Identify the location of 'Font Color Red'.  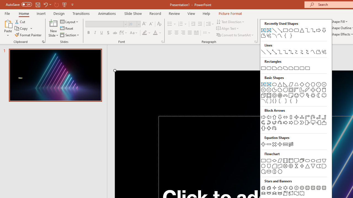
(155, 33).